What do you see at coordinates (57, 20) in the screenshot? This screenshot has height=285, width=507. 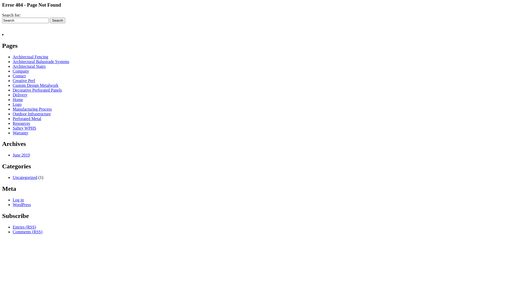 I see `'Search'` at bounding box center [57, 20].